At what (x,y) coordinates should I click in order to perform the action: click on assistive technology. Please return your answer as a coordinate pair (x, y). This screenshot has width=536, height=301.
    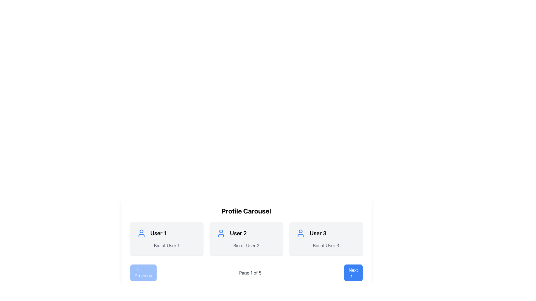
    Looking at the image, I should click on (238, 233).